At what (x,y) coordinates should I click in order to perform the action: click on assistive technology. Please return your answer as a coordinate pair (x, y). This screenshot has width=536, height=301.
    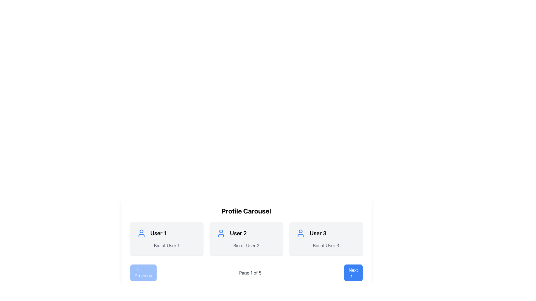
    Looking at the image, I should click on (238, 233).